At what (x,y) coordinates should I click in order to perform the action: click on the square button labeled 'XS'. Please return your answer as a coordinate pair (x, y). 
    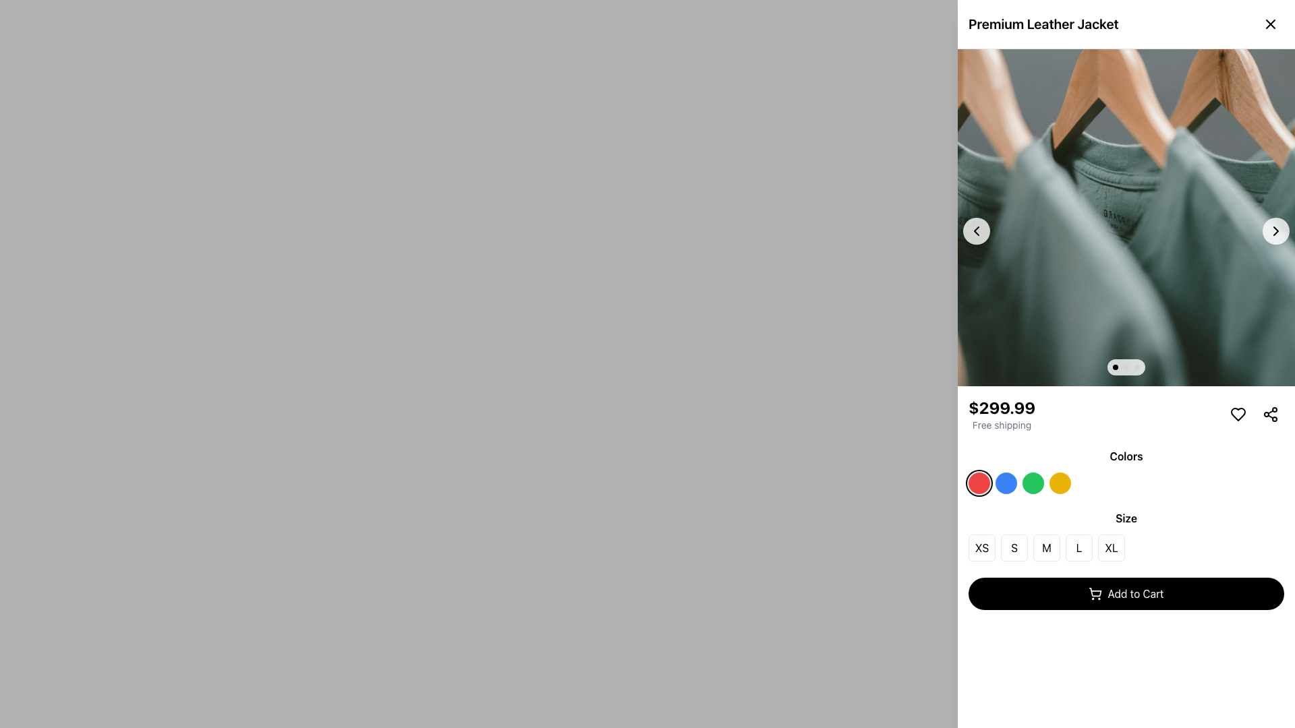
    Looking at the image, I should click on (981, 548).